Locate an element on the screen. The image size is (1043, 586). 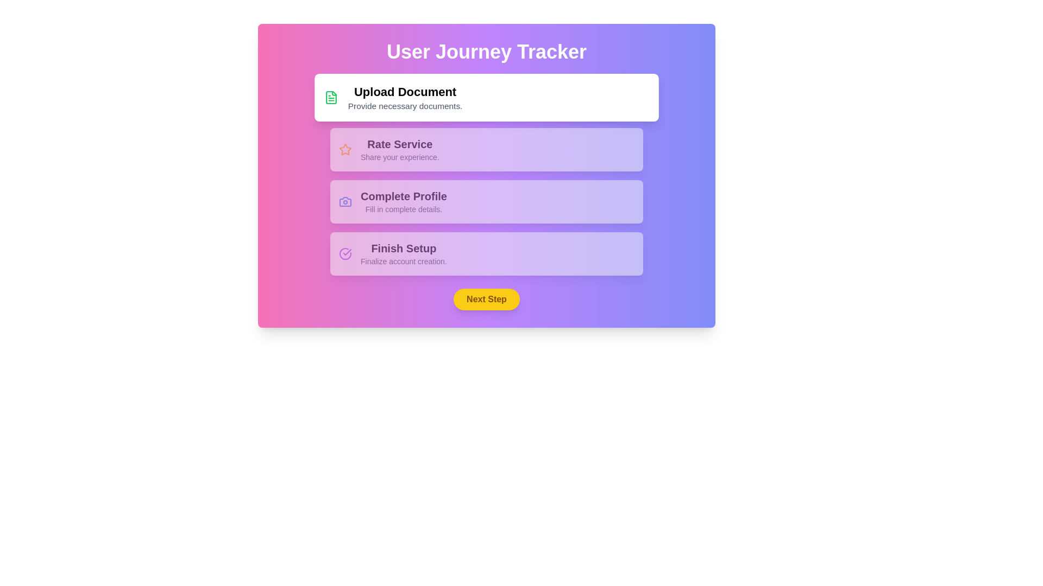
text from the multiline Text Label that prompts users to complete their profile details, located between 'Rate Service' and 'Finish Setup' is located at coordinates (403, 201).